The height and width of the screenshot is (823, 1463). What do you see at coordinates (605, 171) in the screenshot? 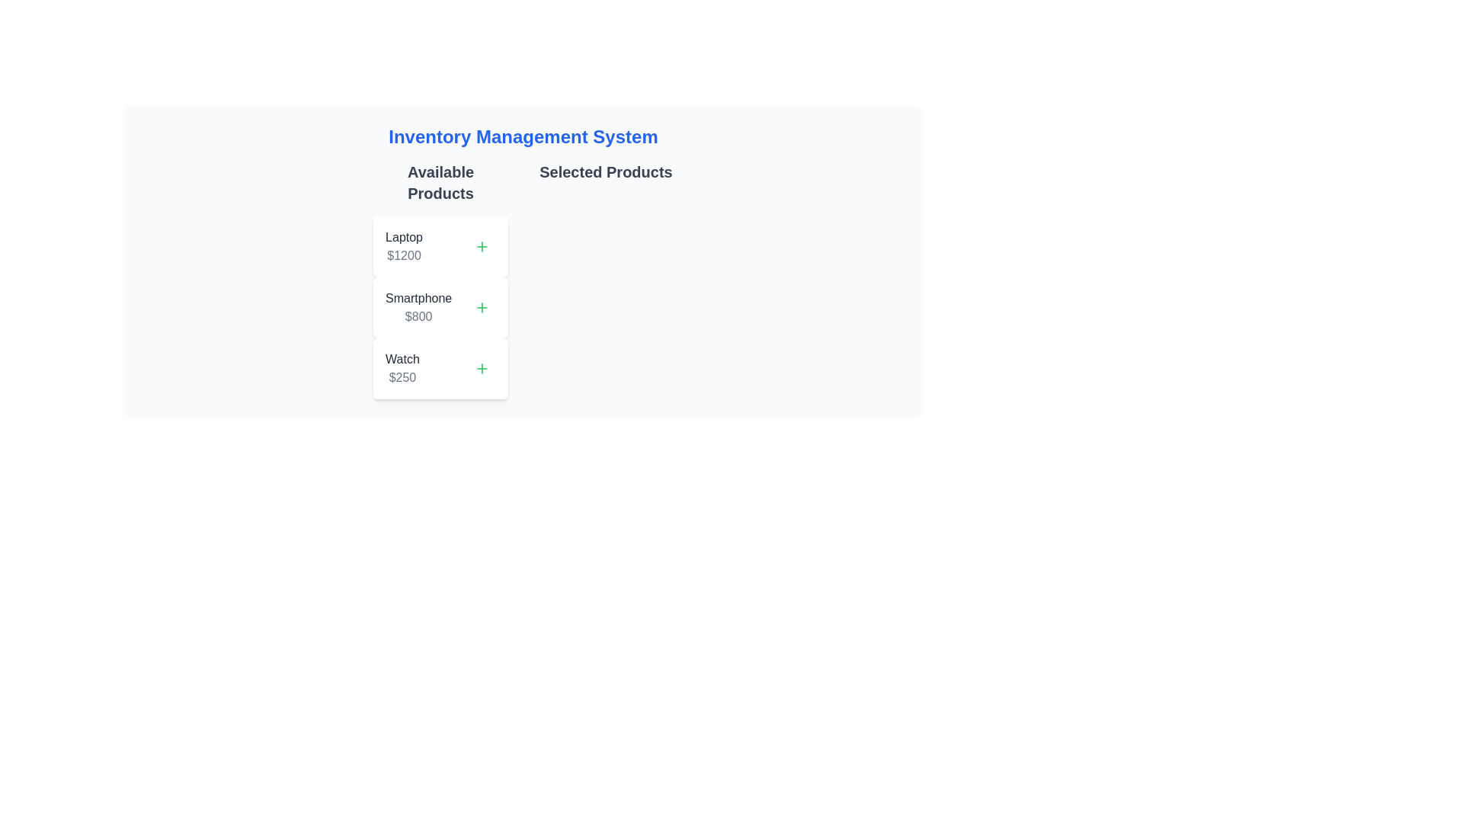
I see `the text label displaying 'Selected Products', which is bold, large, and dark gray, positioned near the top-right side of the visible section below the header 'Inventory Management System'` at bounding box center [605, 171].